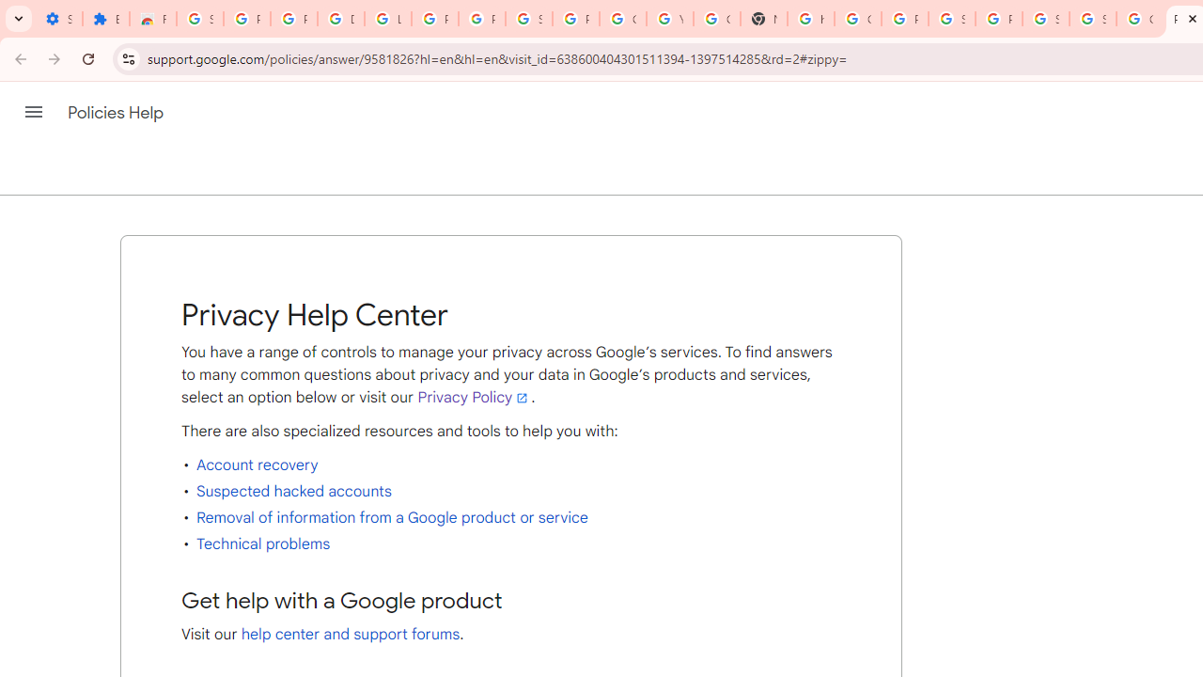 This screenshot has width=1203, height=677. I want to click on 'Account recovery', so click(256, 465).